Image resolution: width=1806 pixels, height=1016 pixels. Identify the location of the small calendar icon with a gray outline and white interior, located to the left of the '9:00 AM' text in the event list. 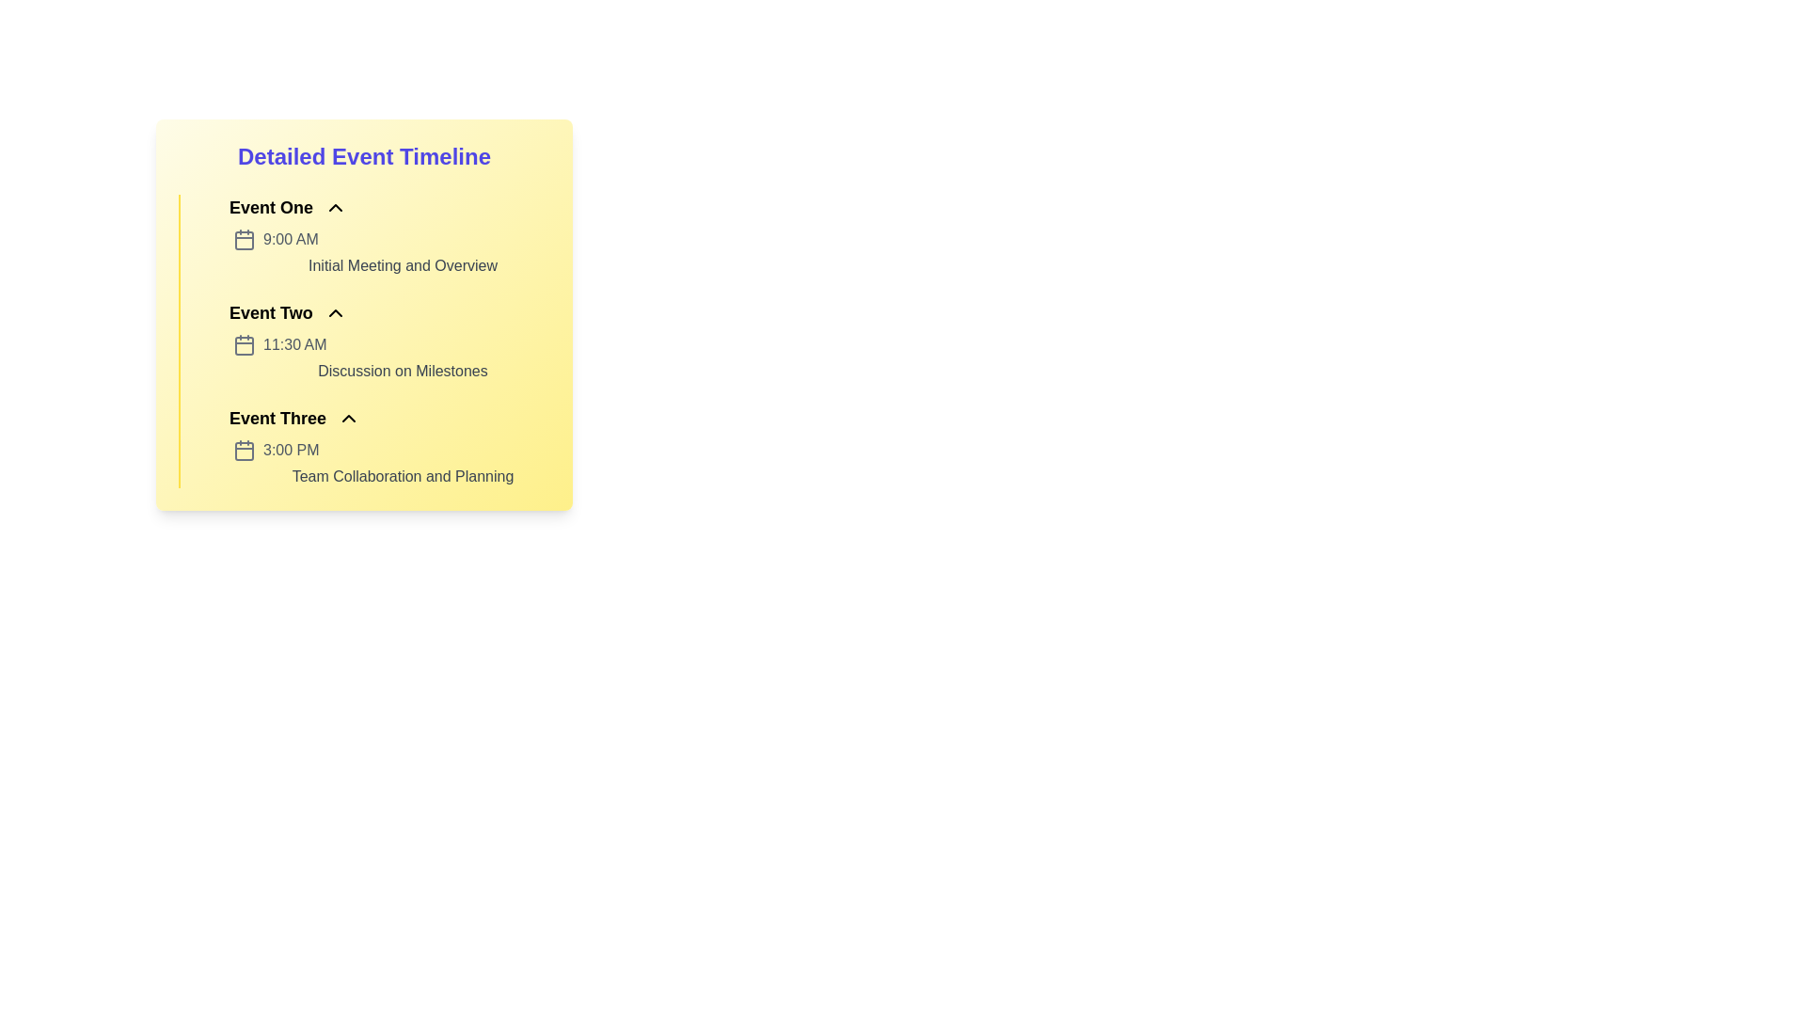
(243, 238).